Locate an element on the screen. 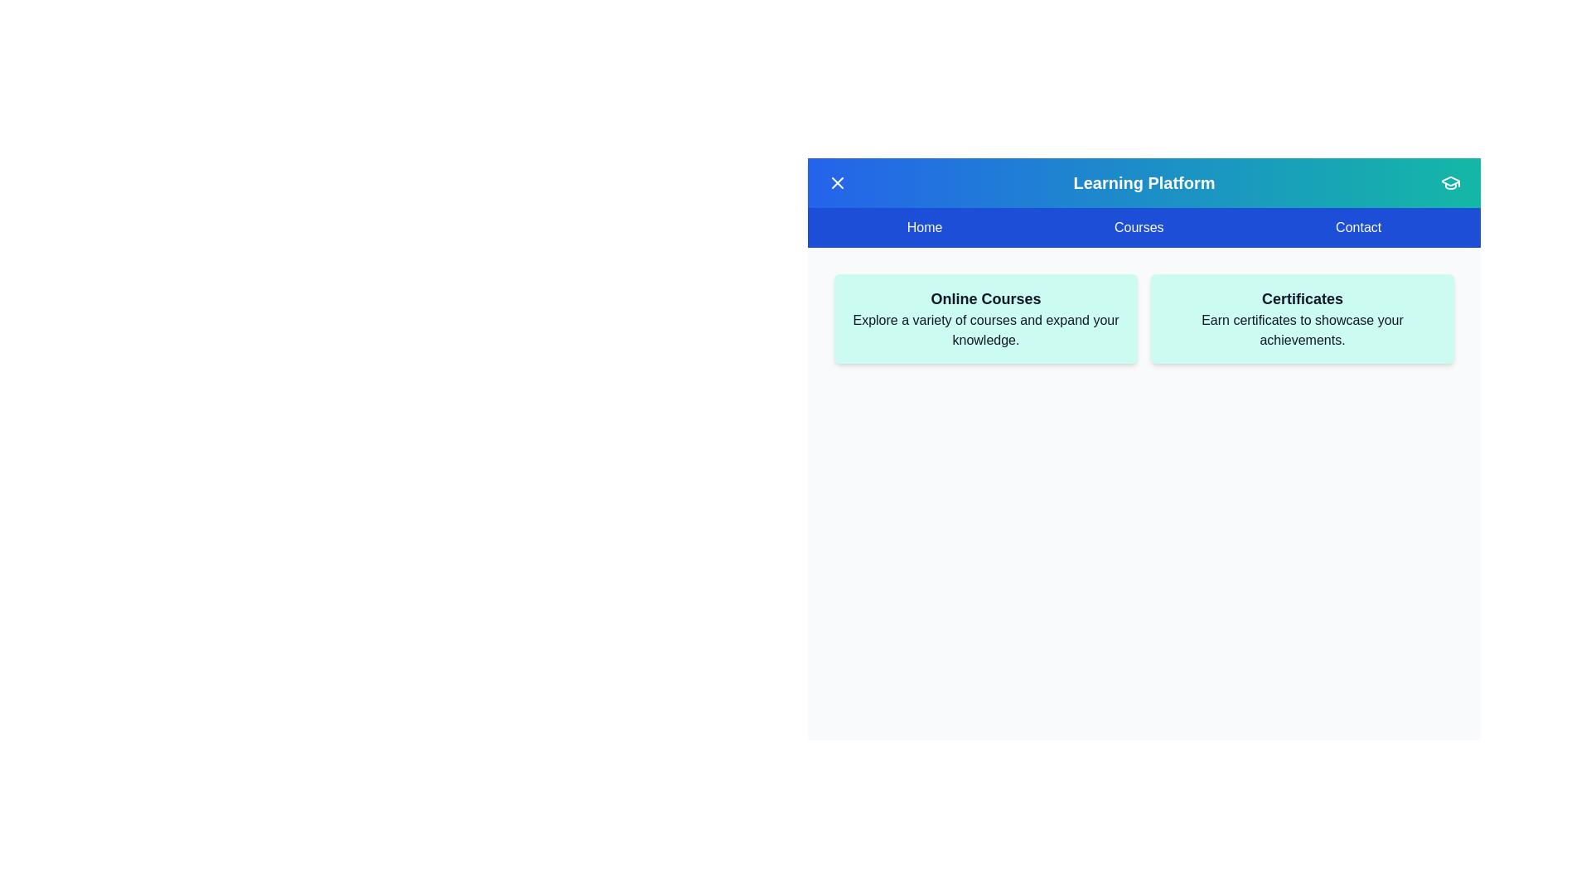 This screenshot has height=895, width=1591. the 'Home' menu item to navigate to the Home page is located at coordinates (924, 227).